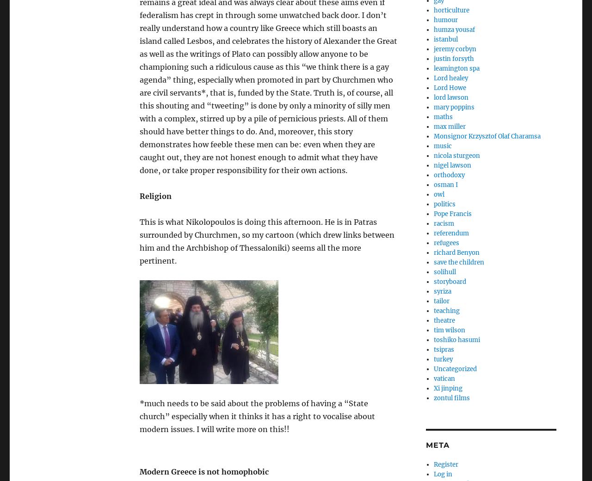  Describe the element at coordinates (456, 339) in the screenshot. I see `'toshiko hasumi'` at that location.